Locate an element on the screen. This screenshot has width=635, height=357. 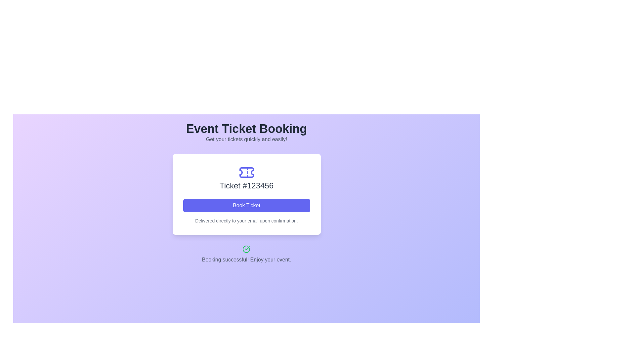
the 'Book Ticket' button, which has a blue background and white text, located below the 'Ticket #123456' heading is located at coordinates (246, 205).